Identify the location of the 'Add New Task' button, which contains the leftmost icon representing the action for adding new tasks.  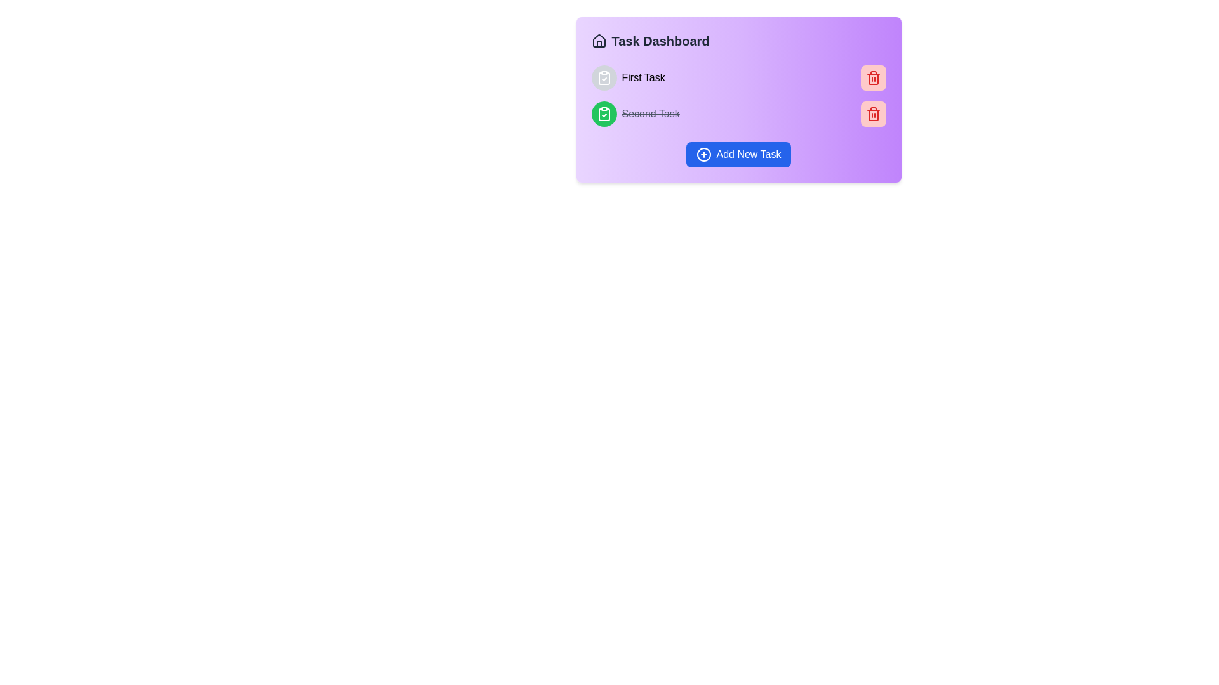
(703, 153).